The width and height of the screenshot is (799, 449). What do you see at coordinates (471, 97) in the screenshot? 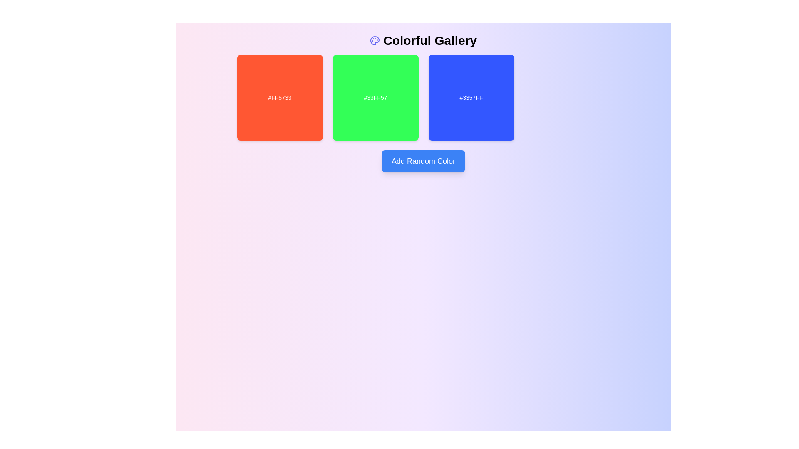
I see `the Color display card with a blue background and the text '#3357FF' centered in white` at bounding box center [471, 97].